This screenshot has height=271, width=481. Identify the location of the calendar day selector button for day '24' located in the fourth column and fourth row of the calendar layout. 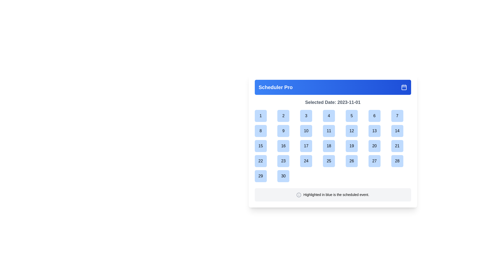
(306, 161).